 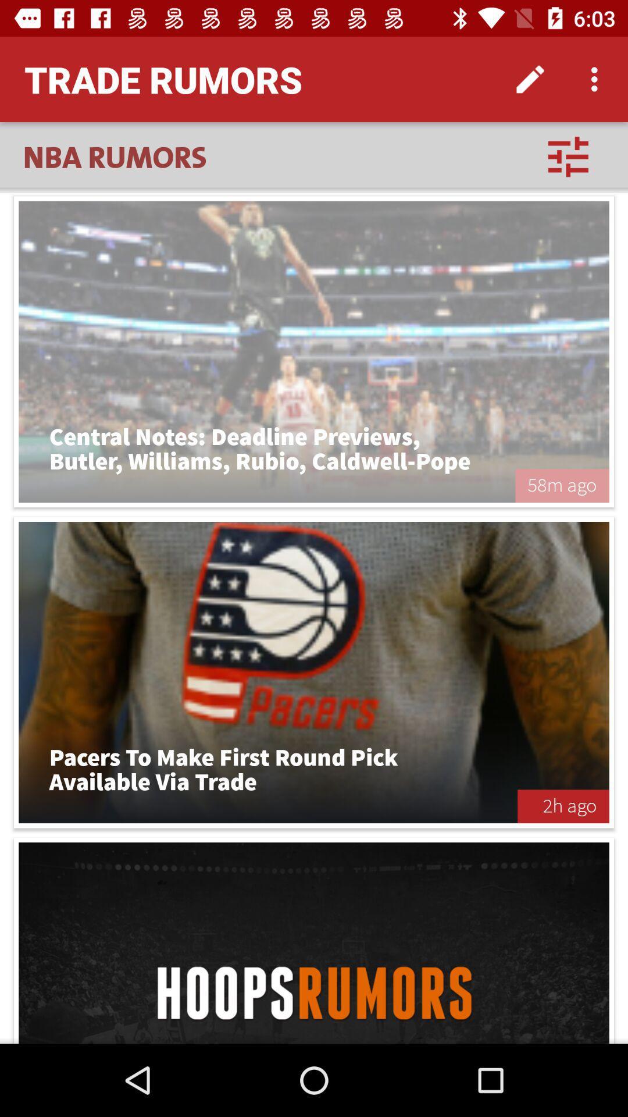 I want to click on the sliders icon, so click(x=568, y=156).